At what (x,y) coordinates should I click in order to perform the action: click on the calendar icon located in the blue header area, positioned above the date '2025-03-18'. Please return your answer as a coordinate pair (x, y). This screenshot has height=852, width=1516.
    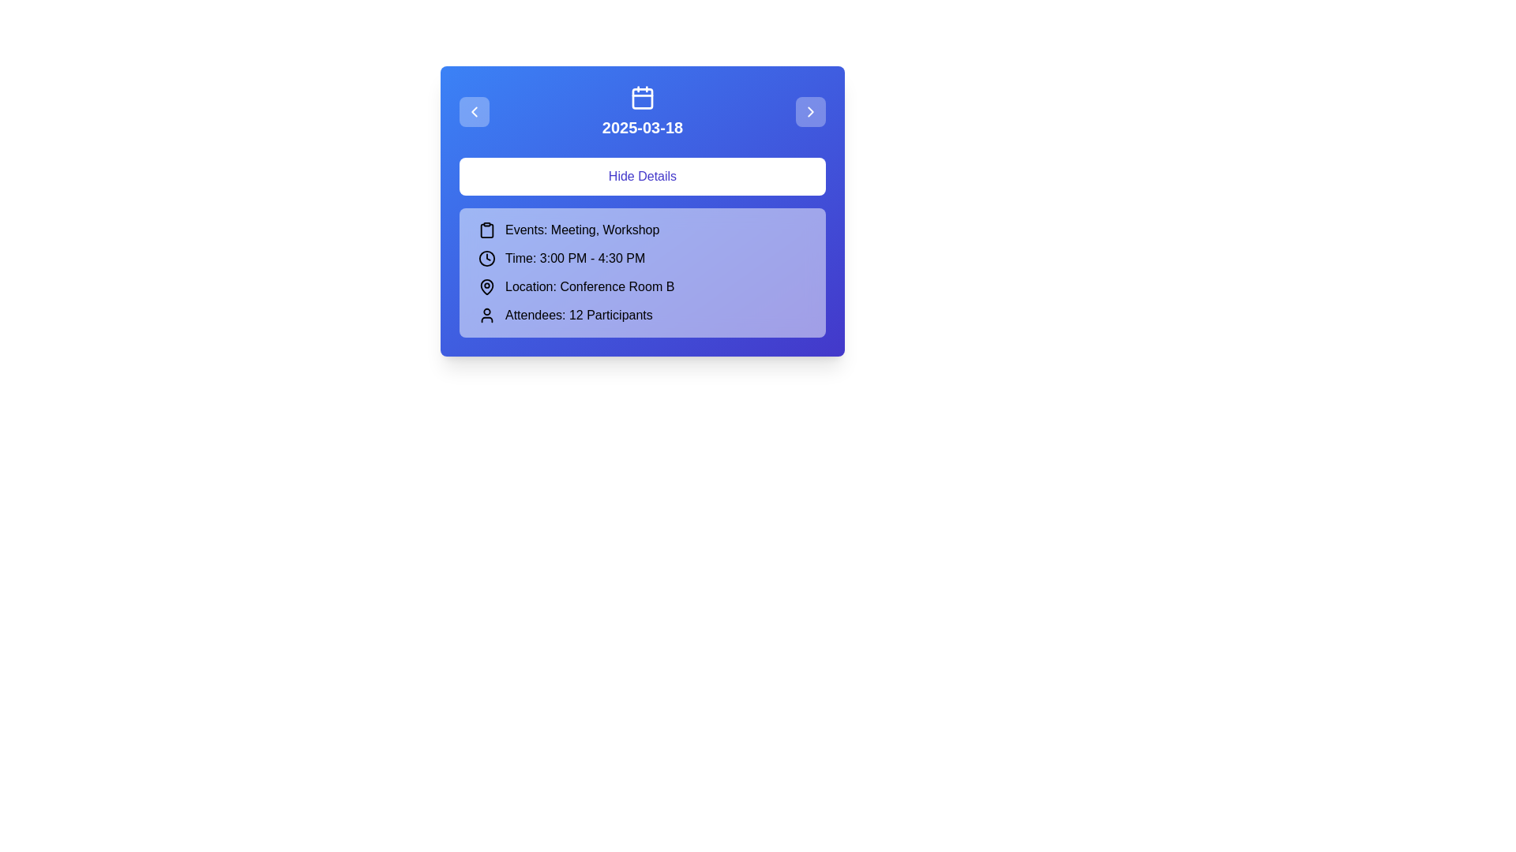
    Looking at the image, I should click on (643, 97).